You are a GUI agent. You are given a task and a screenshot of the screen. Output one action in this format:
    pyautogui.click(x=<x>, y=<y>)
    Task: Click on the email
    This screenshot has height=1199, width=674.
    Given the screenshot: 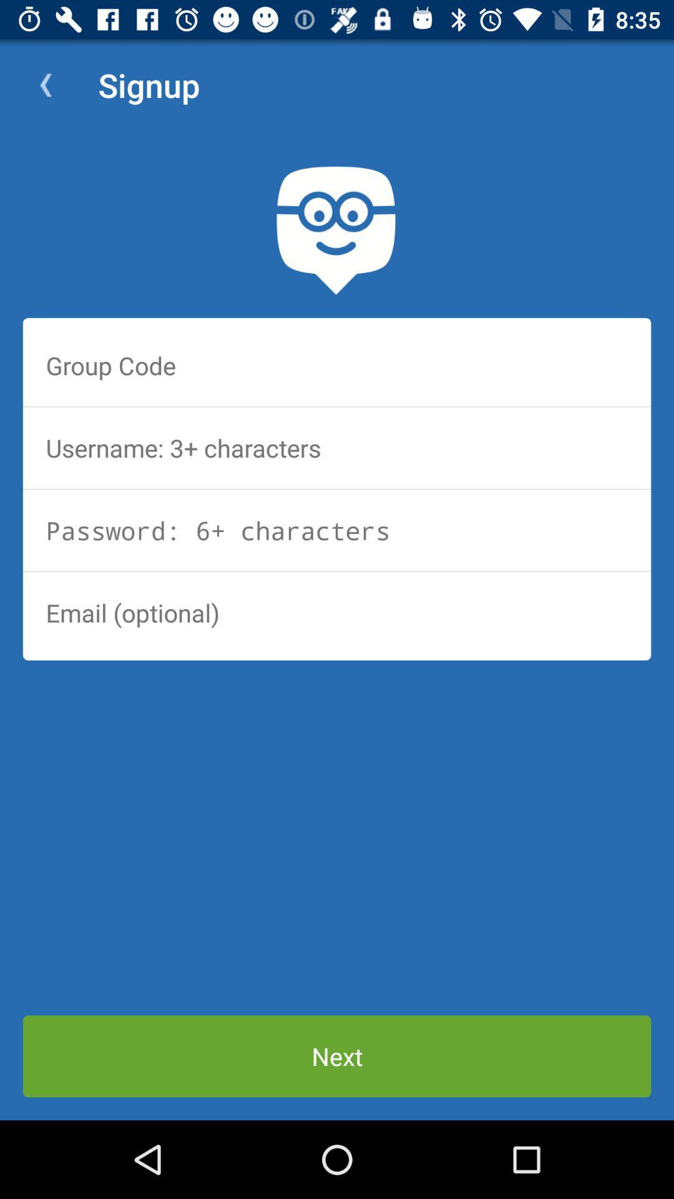 What is the action you would take?
    pyautogui.click(x=337, y=613)
    